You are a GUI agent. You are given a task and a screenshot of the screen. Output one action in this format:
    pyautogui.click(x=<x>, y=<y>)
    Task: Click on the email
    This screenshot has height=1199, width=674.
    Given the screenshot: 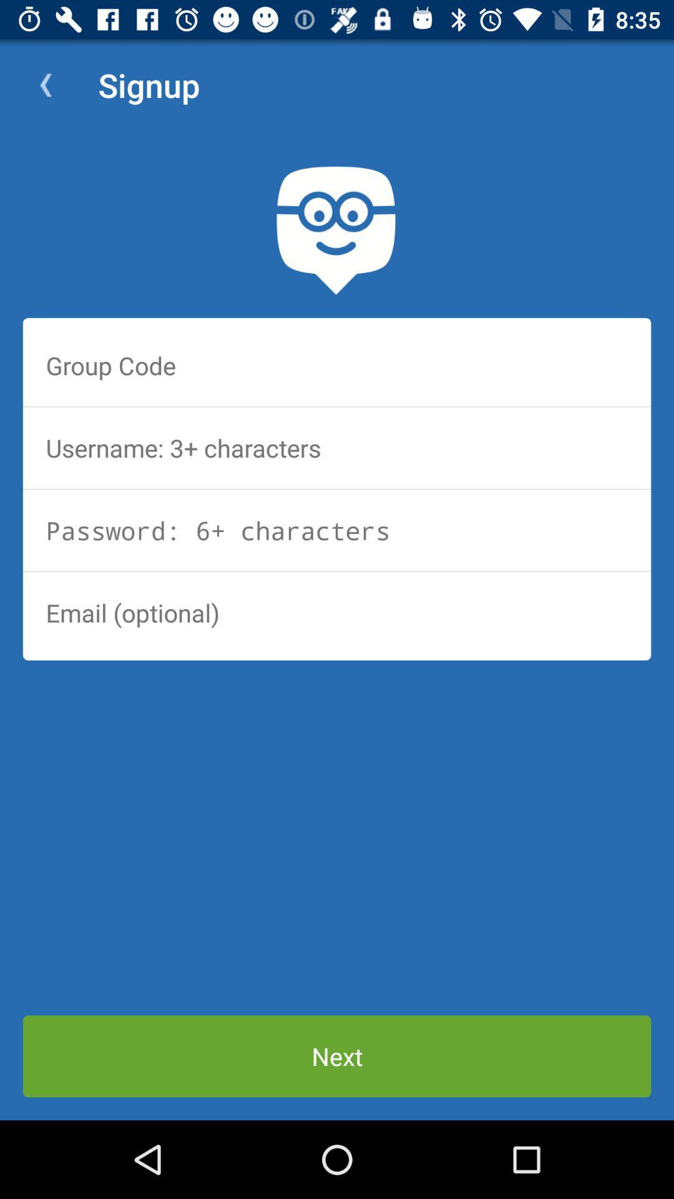 What is the action you would take?
    pyautogui.click(x=337, y=613)
    